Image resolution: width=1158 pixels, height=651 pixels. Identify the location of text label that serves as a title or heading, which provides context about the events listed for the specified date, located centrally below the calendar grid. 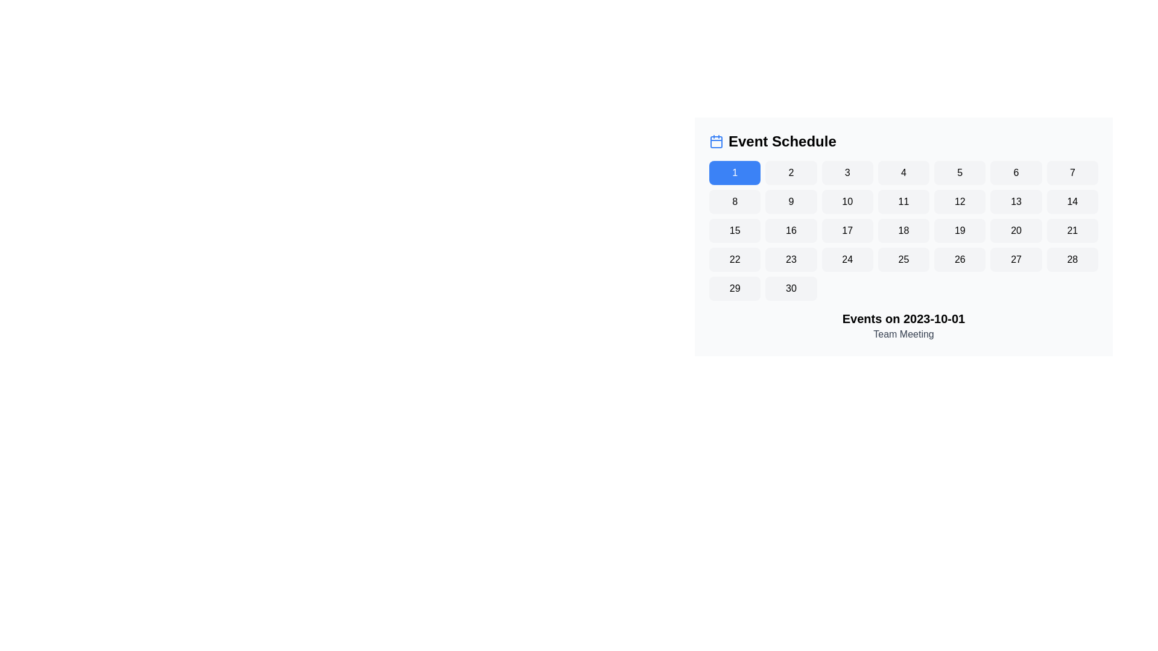
(903, 318).